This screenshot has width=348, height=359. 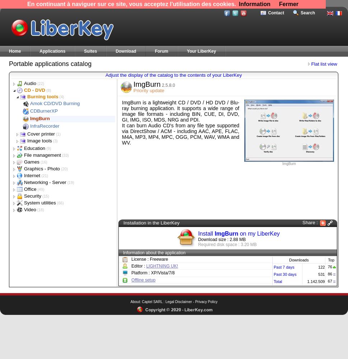 I want to click on 'Games', so click(x=31, y=162).